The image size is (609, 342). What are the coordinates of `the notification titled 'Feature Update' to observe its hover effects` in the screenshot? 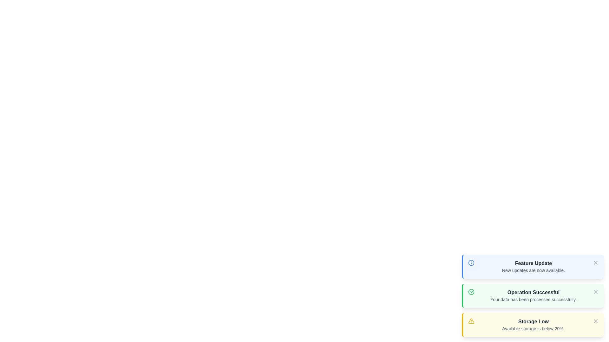 It's located at (533, 266).